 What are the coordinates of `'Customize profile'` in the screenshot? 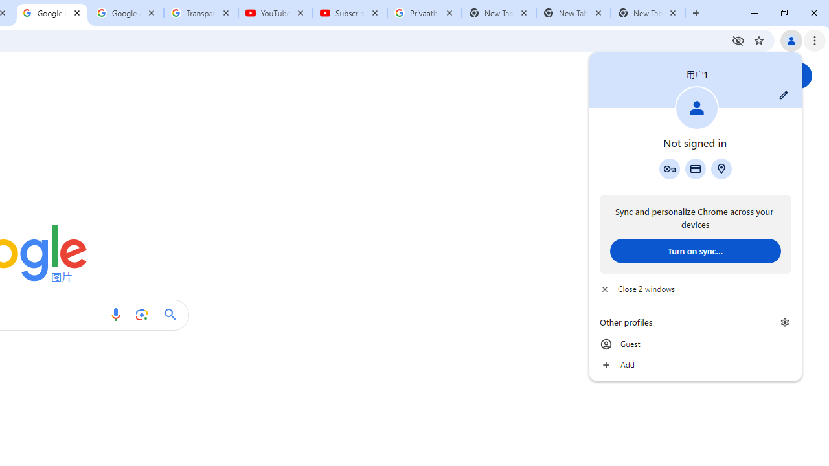 It's located at (783, 94).